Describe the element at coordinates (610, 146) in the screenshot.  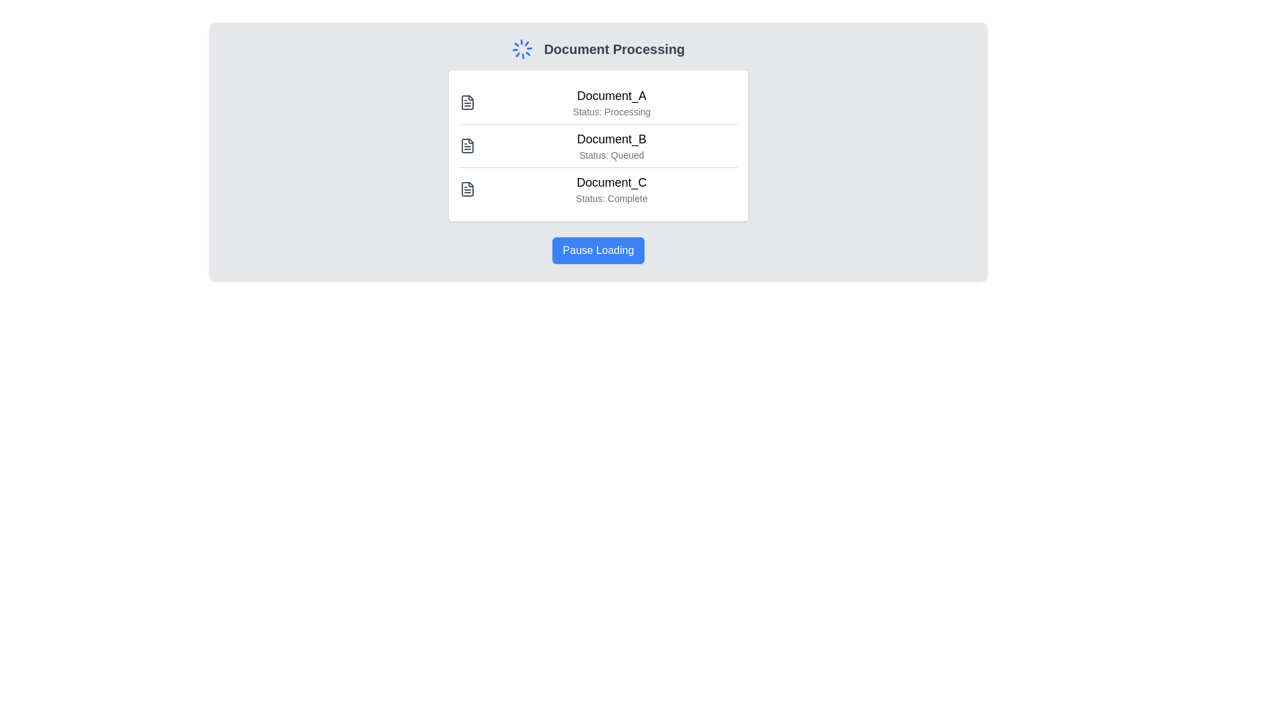
I see `text from the Text label with hierarchical formatting that displays 'Document_B' and 'Status: Queued', located in the central panel as the second entry in the list` at that location.